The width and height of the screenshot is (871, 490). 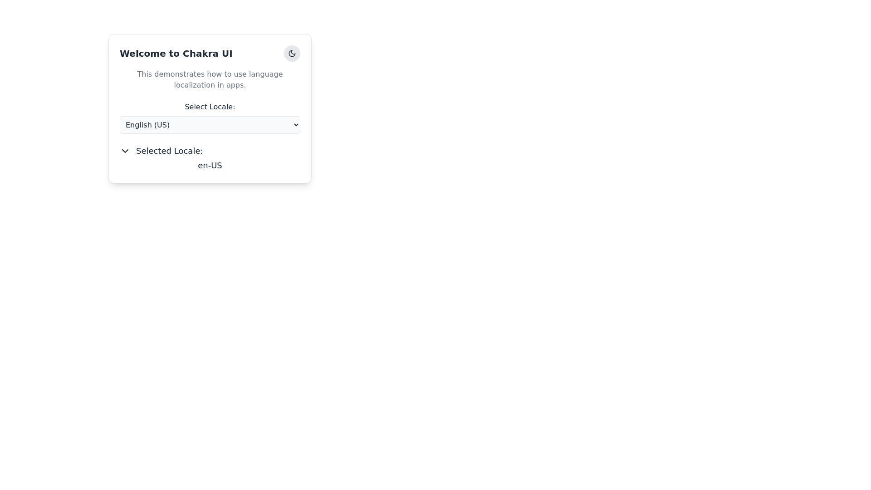 I want to click on the text paragraph that reads 'This demonstrates how to use language localization in apps.' which is styled in gray and is located below the title 'Welcome to Chakra UI', so click(x=209, y=79).